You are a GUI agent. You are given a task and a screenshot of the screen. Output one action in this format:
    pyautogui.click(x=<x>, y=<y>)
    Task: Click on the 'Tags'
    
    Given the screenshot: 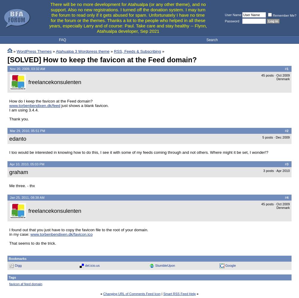 What is the action you would take?
    pyautogui.click(x=12, y=277)
    